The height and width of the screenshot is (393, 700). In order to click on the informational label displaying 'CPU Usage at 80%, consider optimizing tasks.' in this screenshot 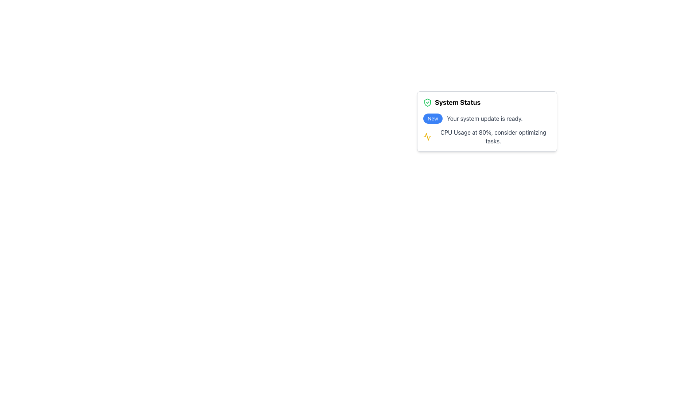, I will do `click(493, 136)`.